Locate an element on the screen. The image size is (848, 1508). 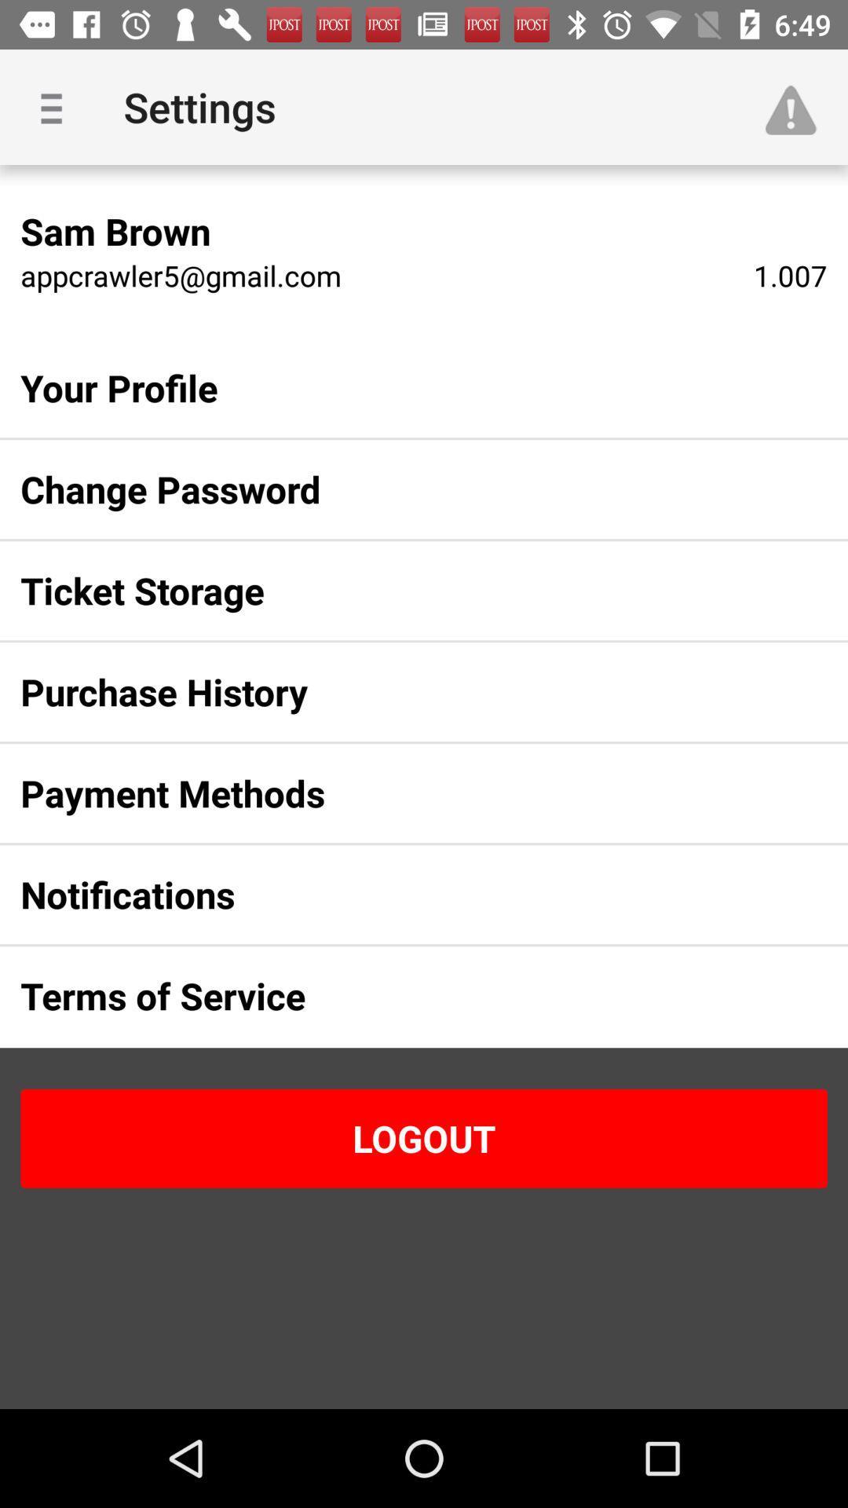
item next to settings item is located at coordinates (57, 106).